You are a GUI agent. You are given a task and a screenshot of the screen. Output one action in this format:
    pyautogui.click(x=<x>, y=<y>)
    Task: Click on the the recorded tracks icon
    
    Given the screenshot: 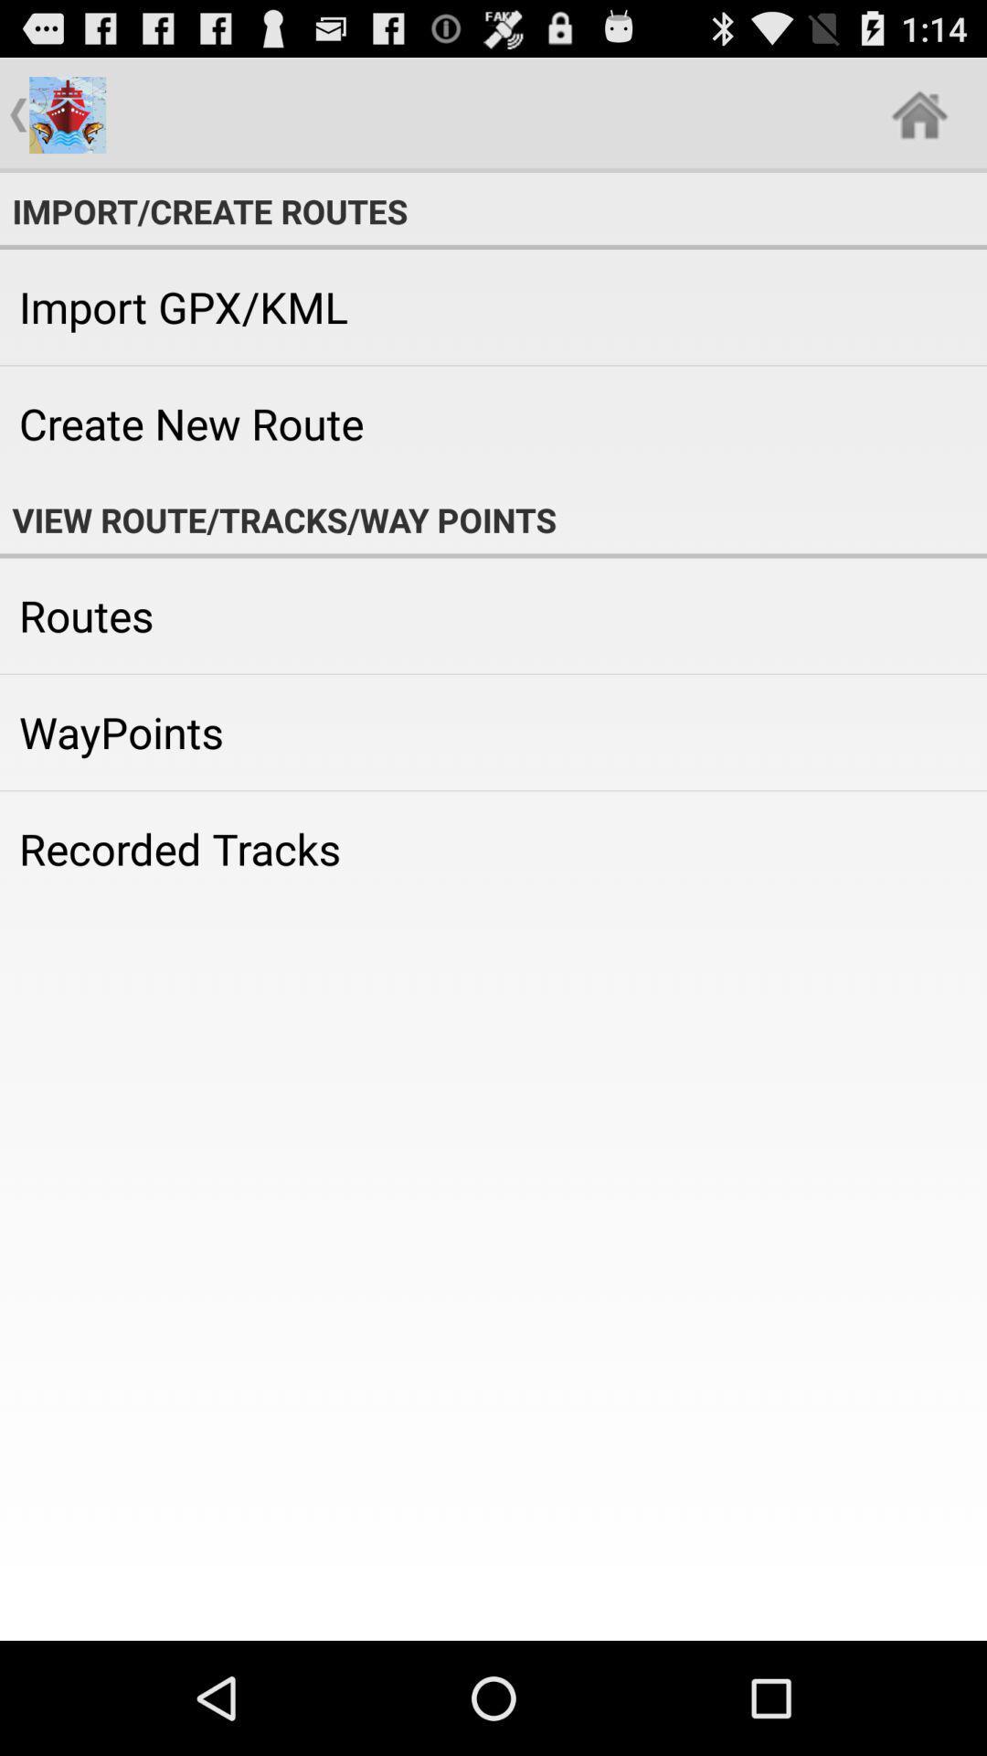 What is the action you would take?
    pyautogui.click(x=493, y=848)
    